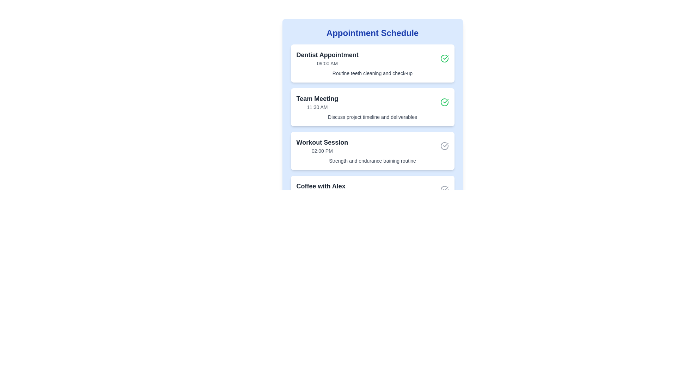 The image size is (677, 381). What do you see at coordinates (322, 143) in the screenshot?
I see `the text label 'Workout Session' which is prominently displayed in bold gray font at the top of the third card in the appointment schedule list` at bounding box center [322, 143].